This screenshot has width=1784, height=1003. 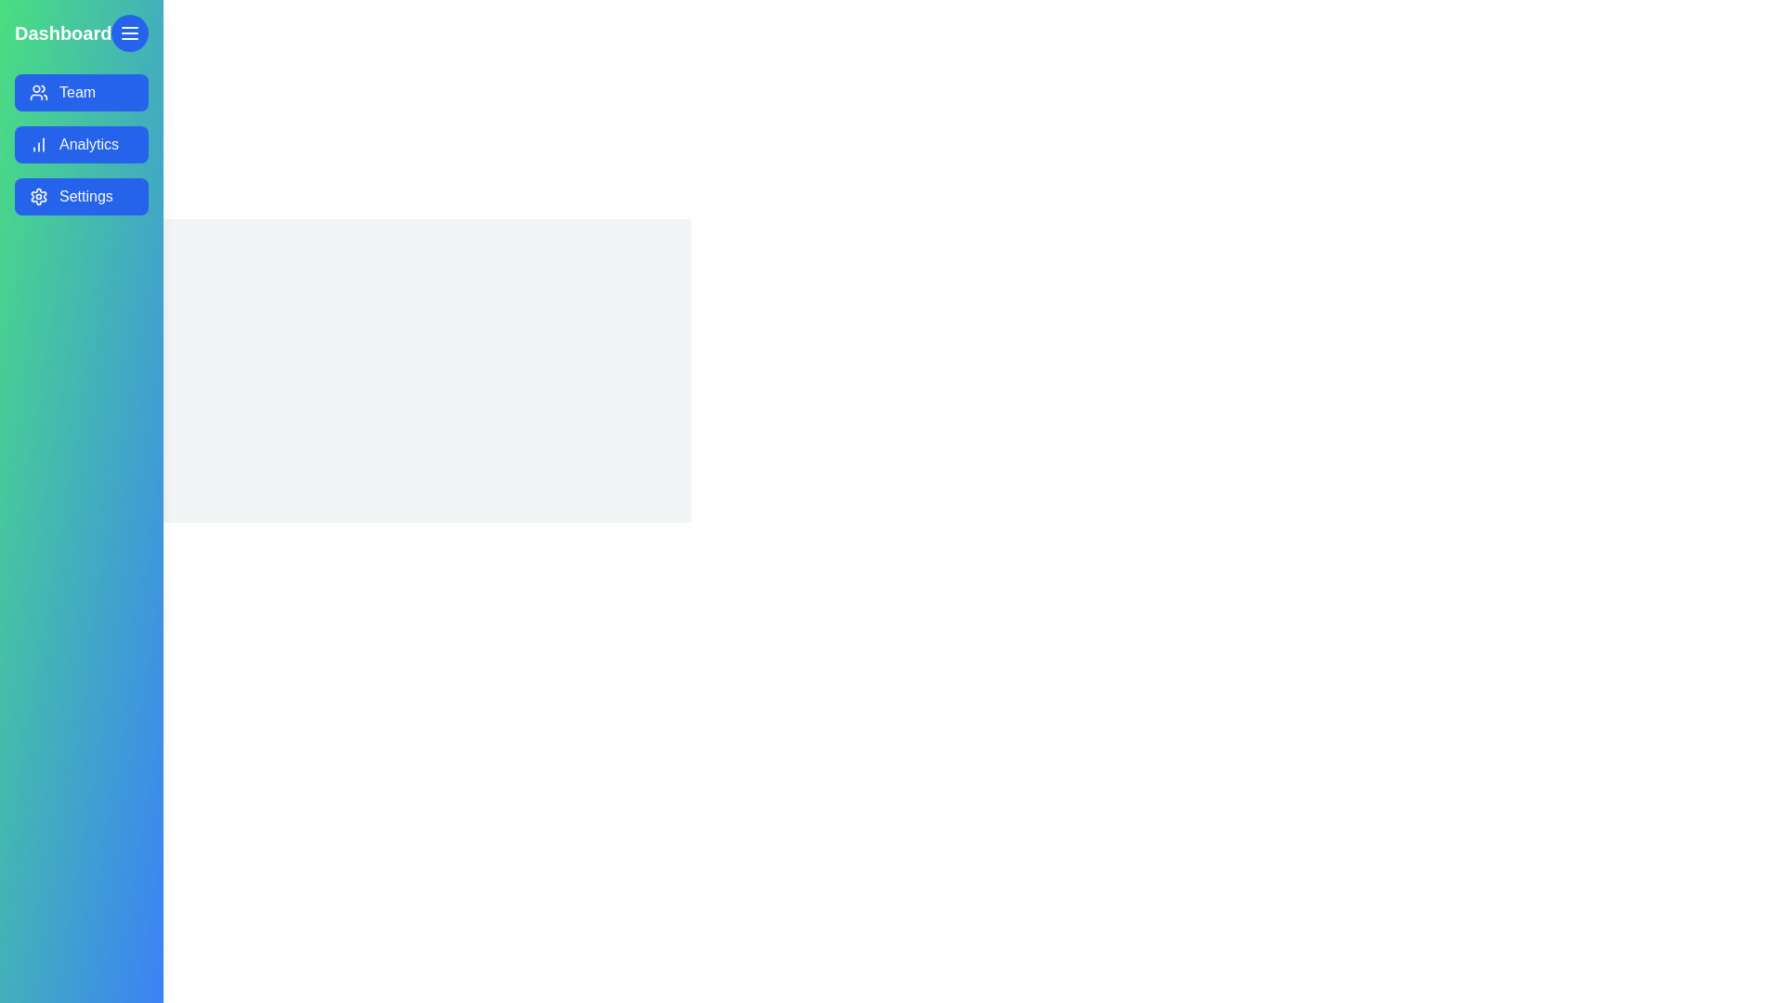 What do you see at coordinates (80, 143) in the screenshot?
I see `the menu option Analytics from the drawer` at bounding box center [80, 143].